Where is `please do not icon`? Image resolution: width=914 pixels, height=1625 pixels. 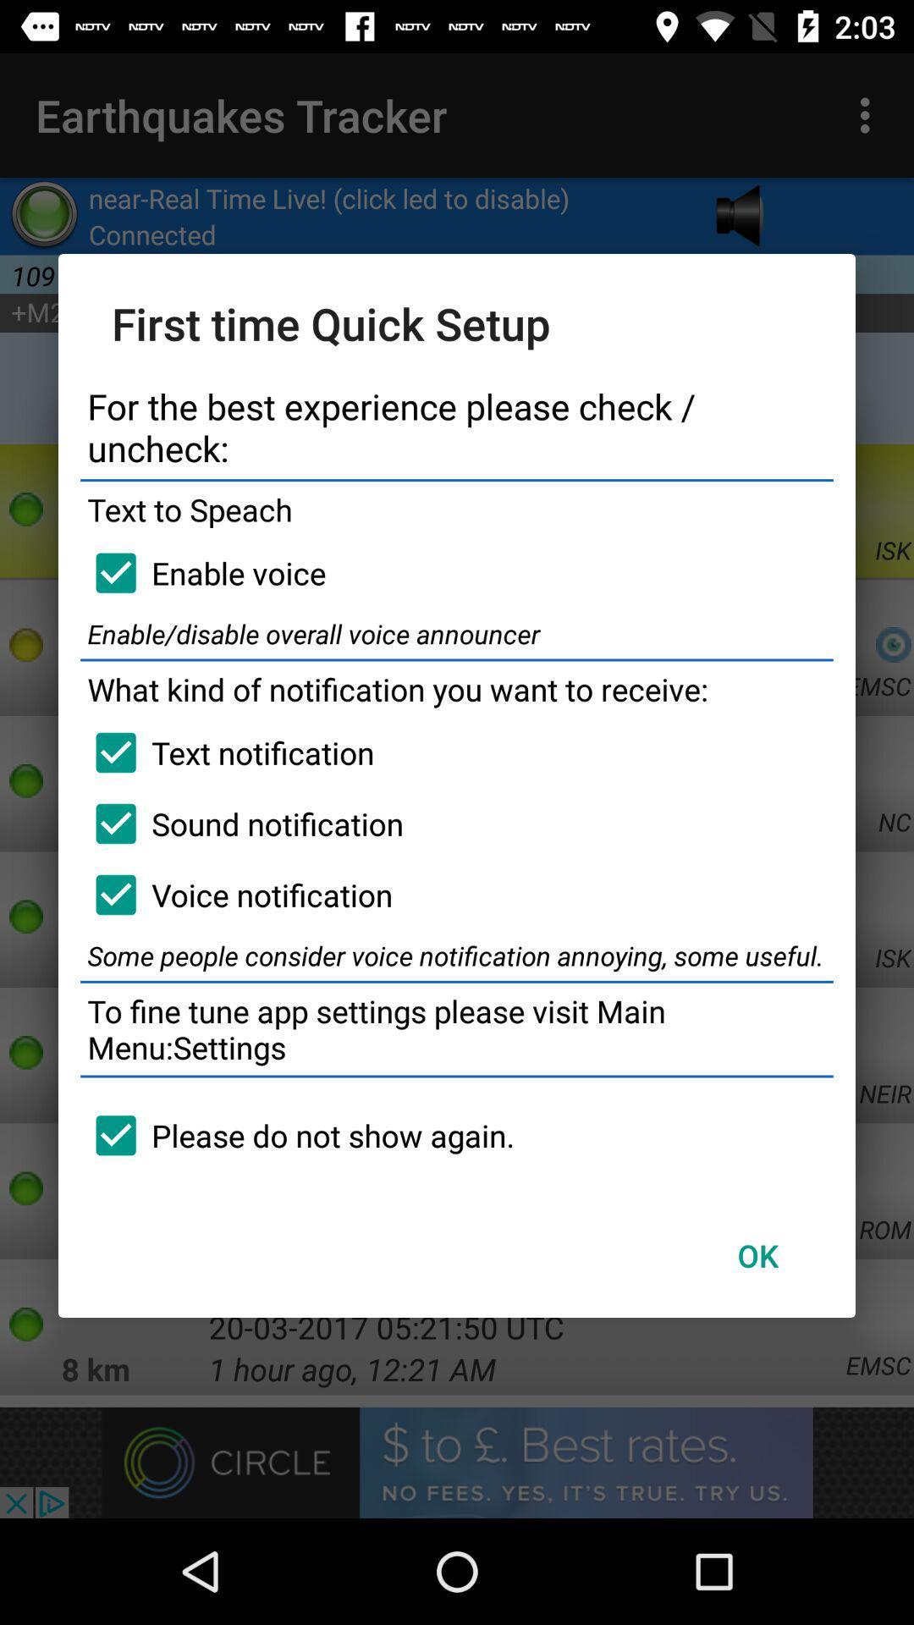 please do not icon is located at coordinates (296, 1135).